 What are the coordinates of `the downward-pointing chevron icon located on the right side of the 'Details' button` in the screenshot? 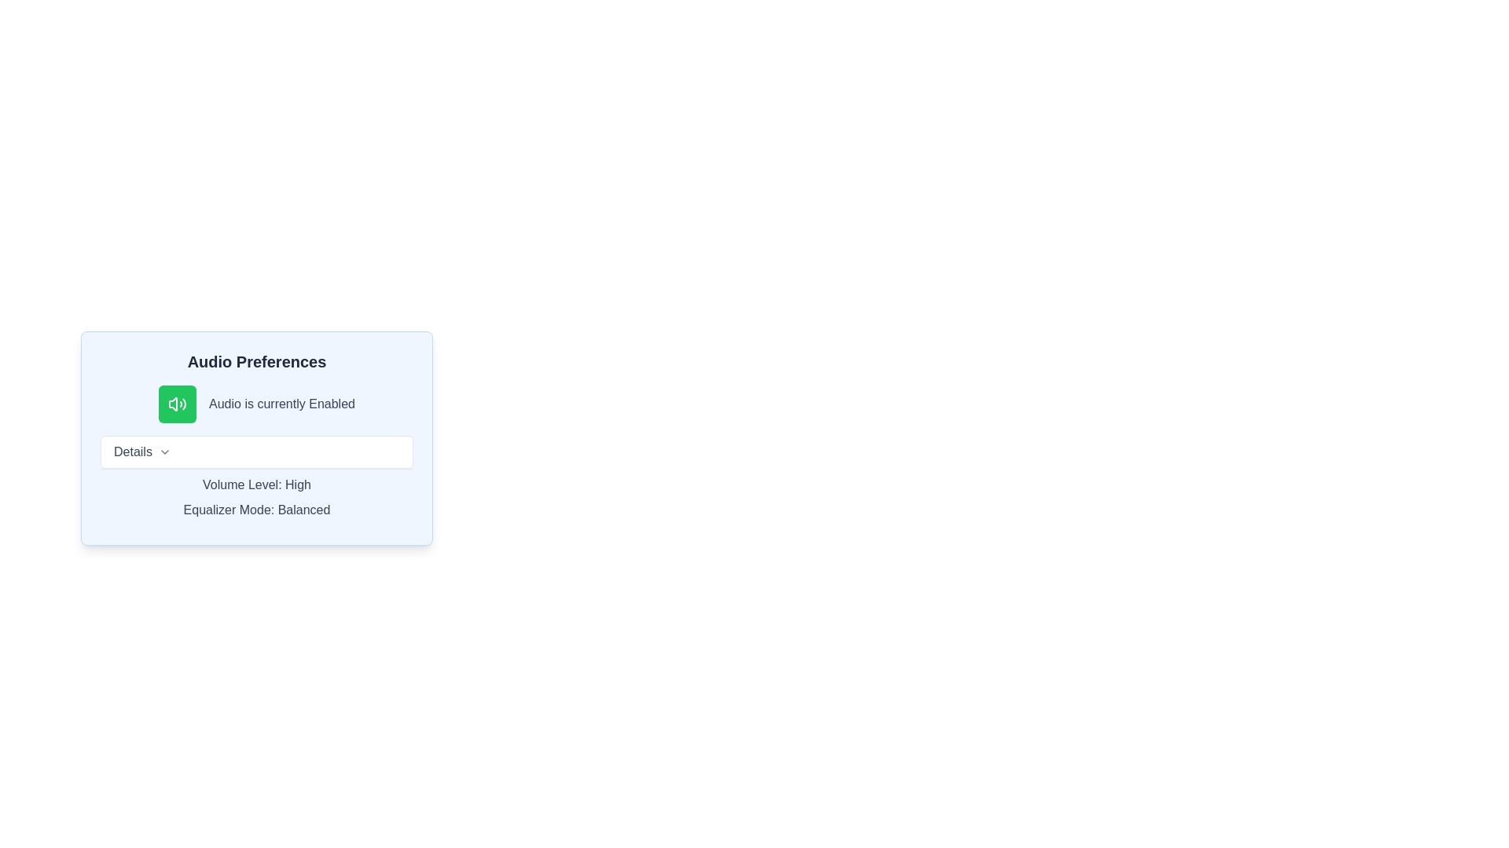 It's located at (164, 451).